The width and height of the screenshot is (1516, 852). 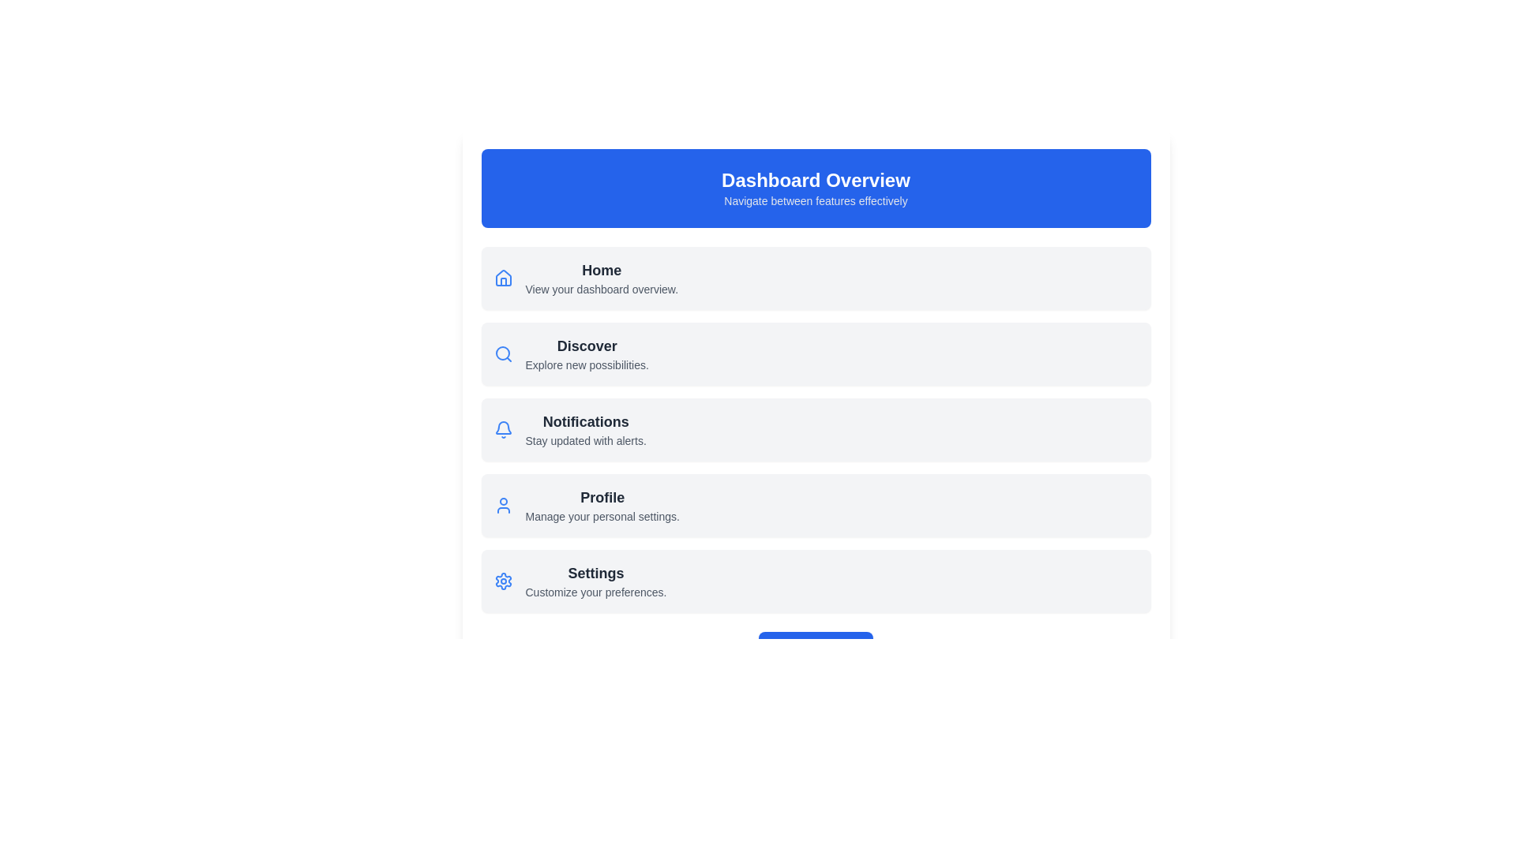 What do you see at coordinates (816, 200) in the screenshot?
I see `text content of the small text label located centrally below the 'Dashboard Overview' heading, styled with light gray color on a blue background, displaying 'Navigate between features effectively'` at bounding box center [816, 200].